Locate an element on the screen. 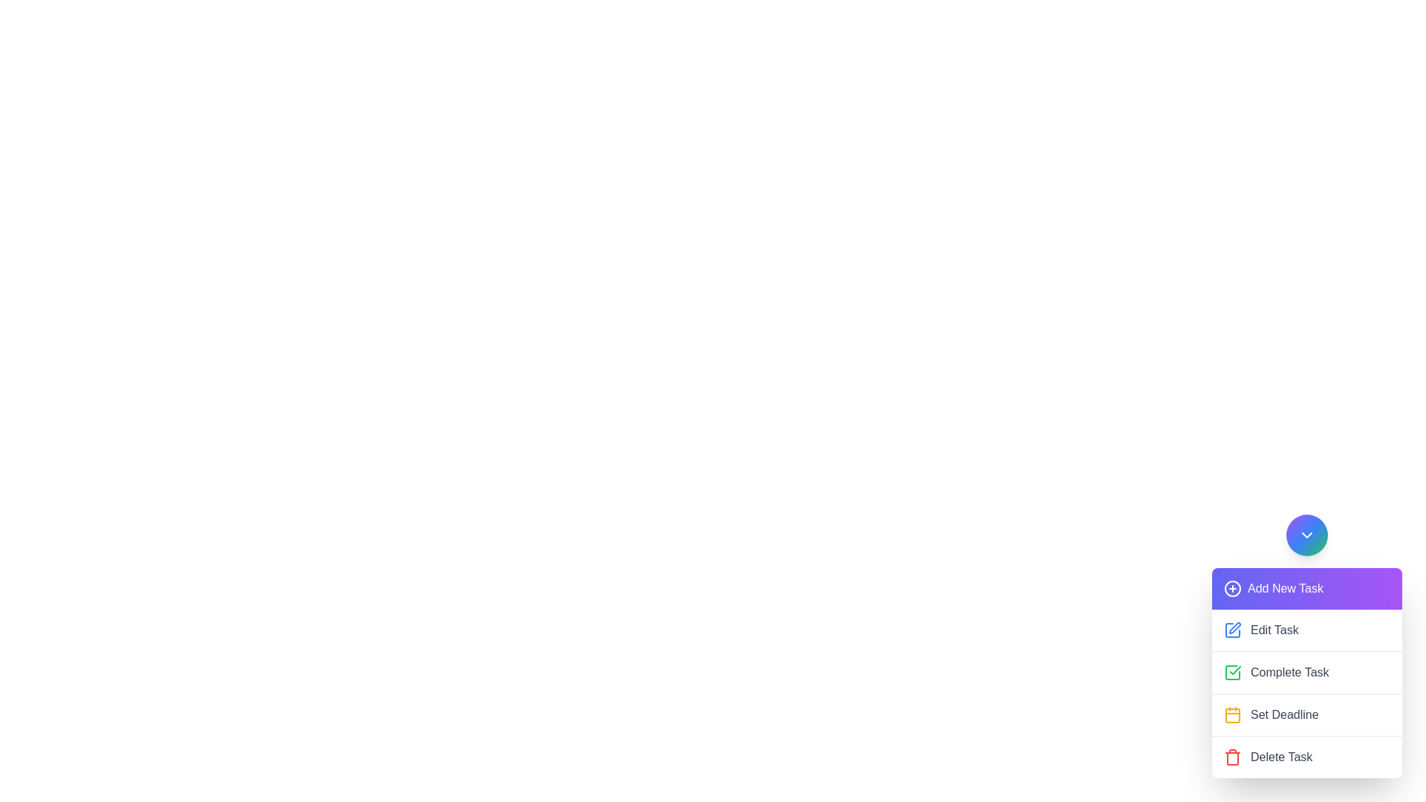 This screenshot has width=1426, height=802. the chevron-down SVG graphic icon which indicates an expandable menu located within a circular button at the bottom-right corner of the interface is located at coordinates (1307, 535).